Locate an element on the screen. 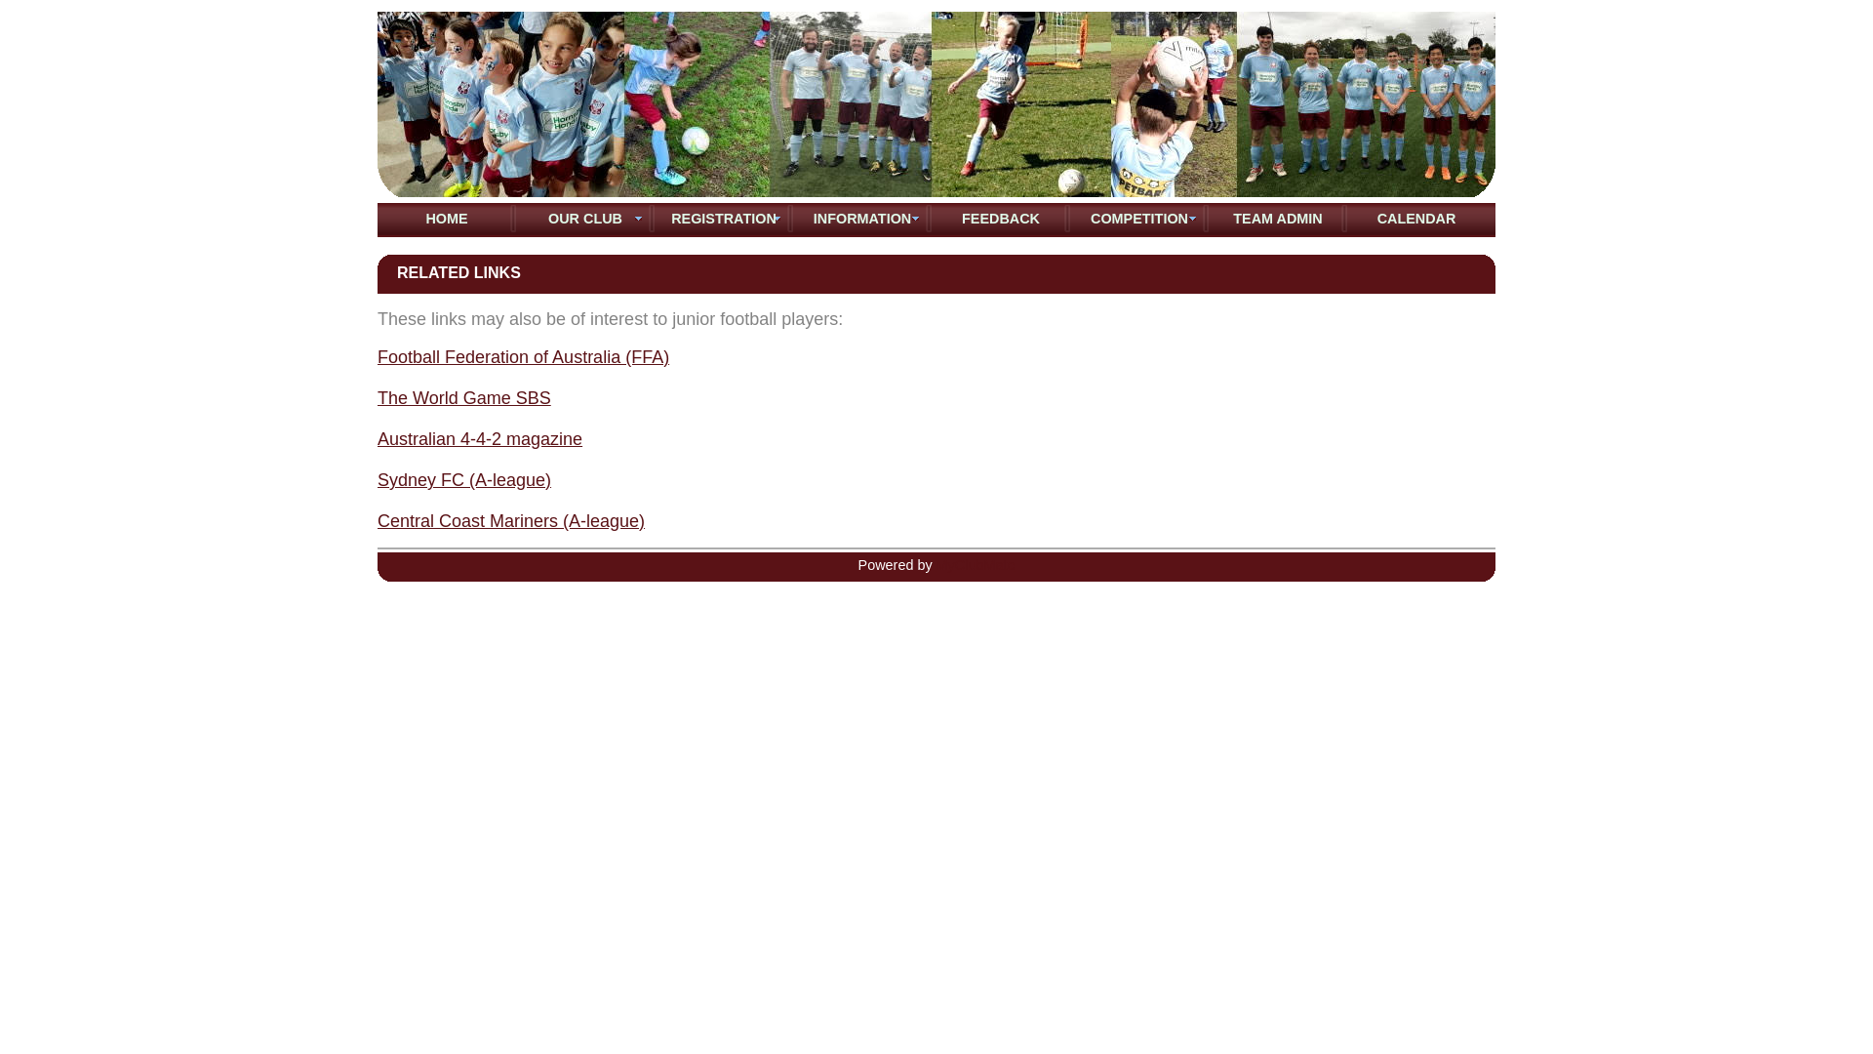 The image size is (1873, 1054). 'INFORMATION' is located at coordinates (860, 218).